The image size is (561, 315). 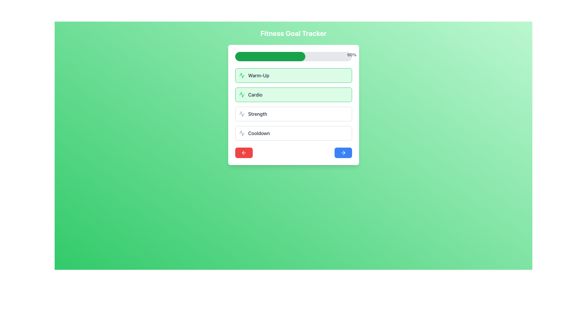 What do you see at coordinates (242, 94) in the screenshot?
I see `the SVG waveform icon styled in green located inside the second green-framed box labeled 'Cardio' in the 'Fitness Goal Tracker' section` at bounding box center [242, 94].